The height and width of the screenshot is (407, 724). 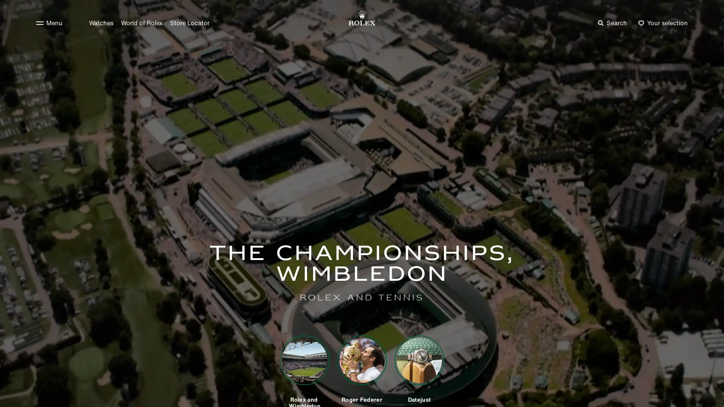 What do you see at coordinates (612, 22) in the screenshot?
I see `Search` at bounding box center [612, 22].